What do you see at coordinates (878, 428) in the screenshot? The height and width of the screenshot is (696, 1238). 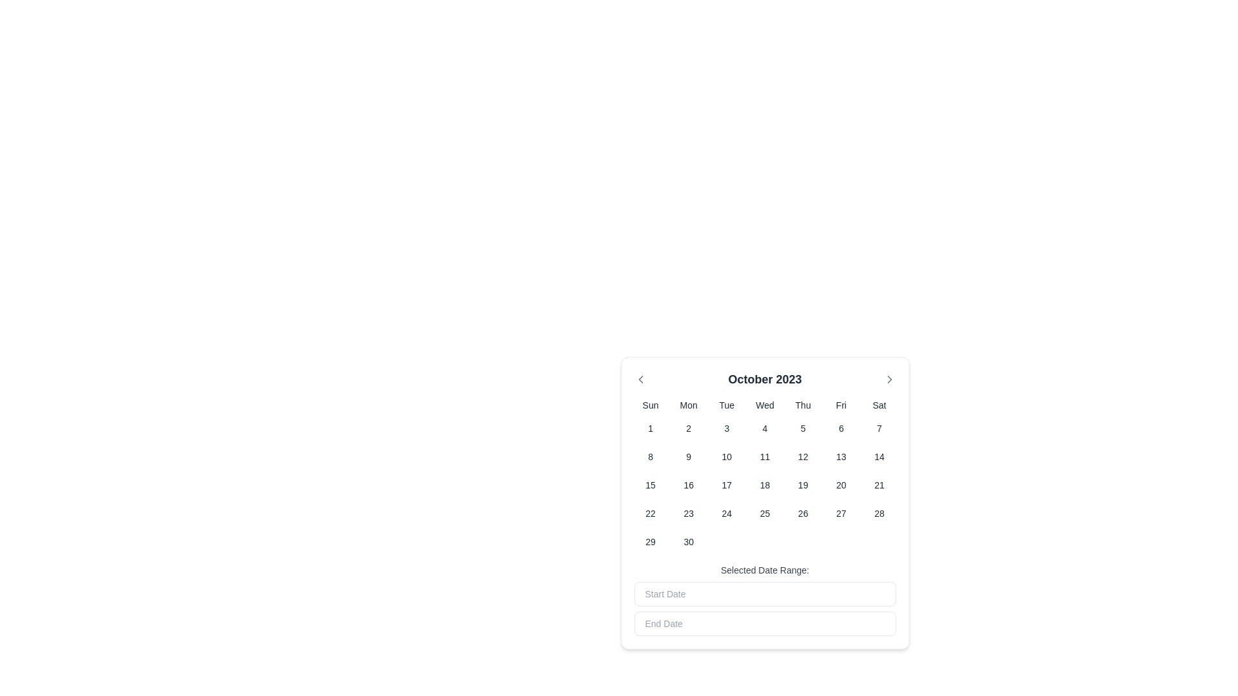 I see `the button displaying the number '7' in a calendar grid layout` at bounding box center [878, 428].